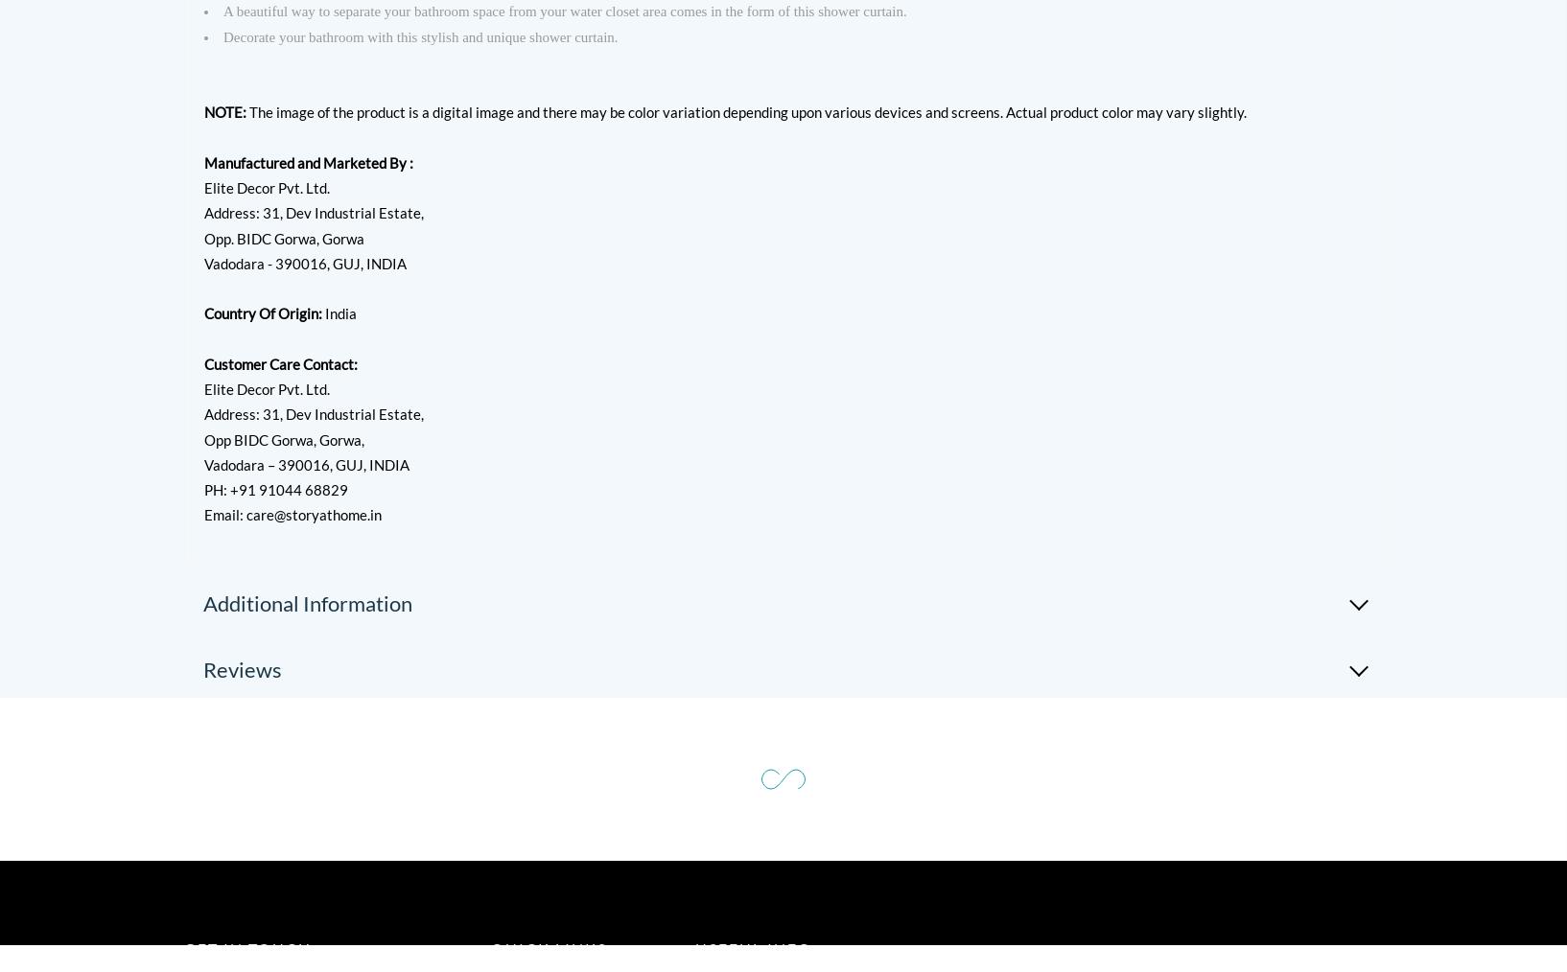  Describe the element at coordinates (306, 463) in the screenshot. I see `'Vadodara – 390016, GUJ, INDIA'` at that location.